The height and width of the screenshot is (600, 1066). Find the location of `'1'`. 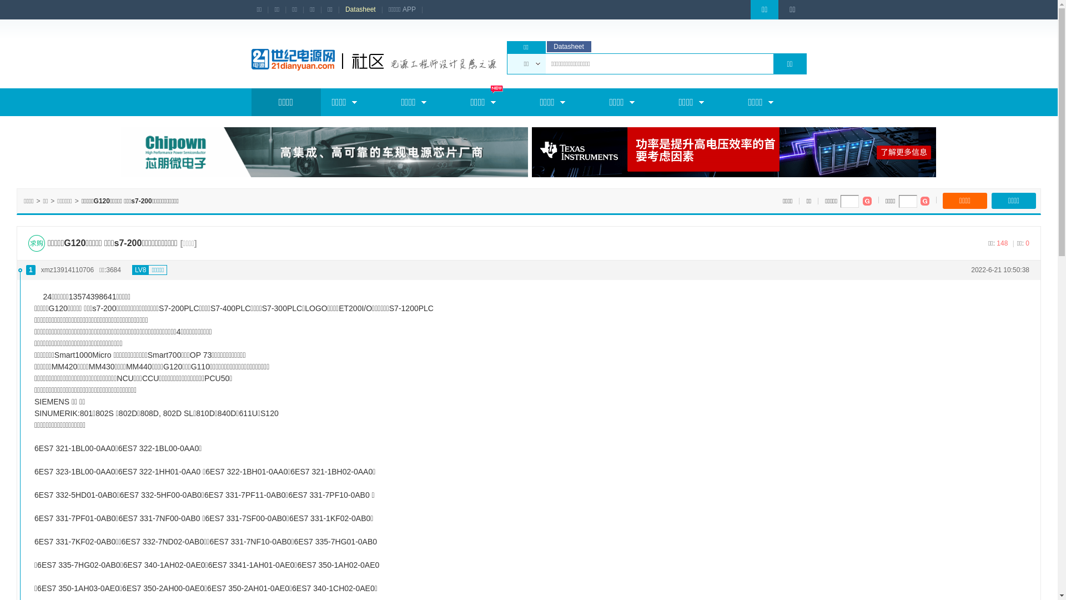

'1' is located at coordinates (31, 269).